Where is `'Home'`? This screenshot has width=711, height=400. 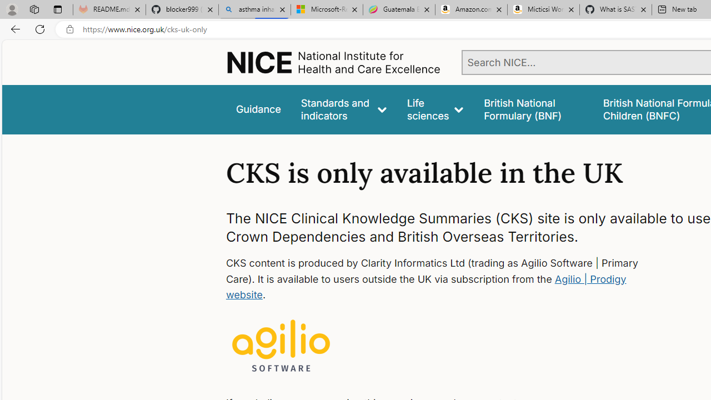
'Home' is located at coordinates (333, 62).